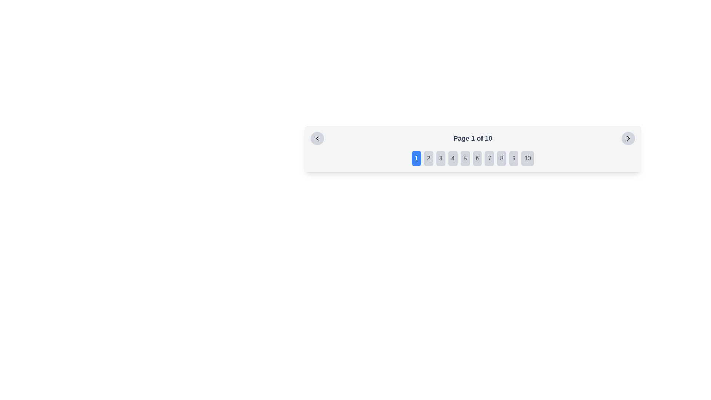 Image resolution: width=711 pixels, height=400 pixels. I want to click on the left-facing chevron arrow located within the navigation bar, so click(317, 139).